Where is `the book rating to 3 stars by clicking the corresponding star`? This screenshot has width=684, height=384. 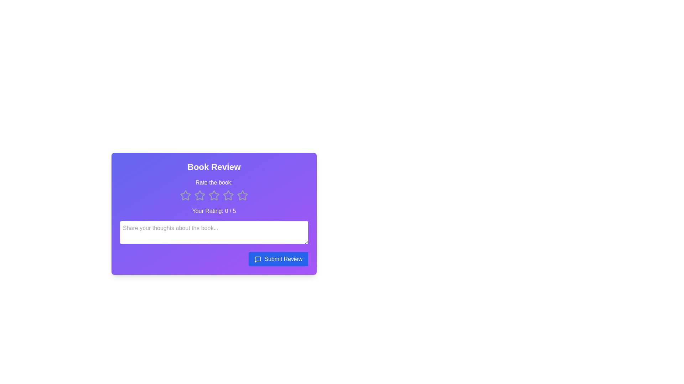 the book rating to 3 stars by clicking the corresponding star is located at coordinates (213, 196).